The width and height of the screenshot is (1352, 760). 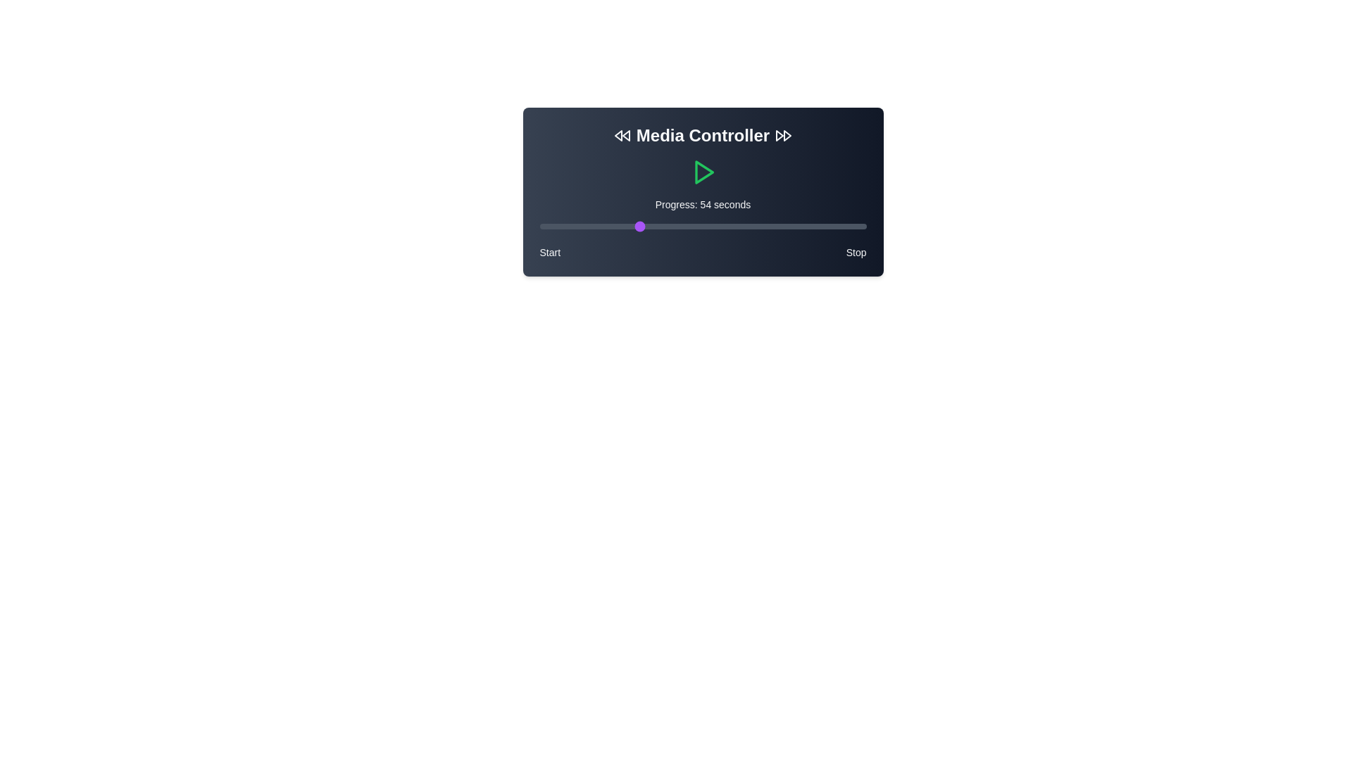 What do you see at coordinates (621, 135) in the screenshot?
I see `the Rewind icon to navigate` at bounding box center [621, 135].